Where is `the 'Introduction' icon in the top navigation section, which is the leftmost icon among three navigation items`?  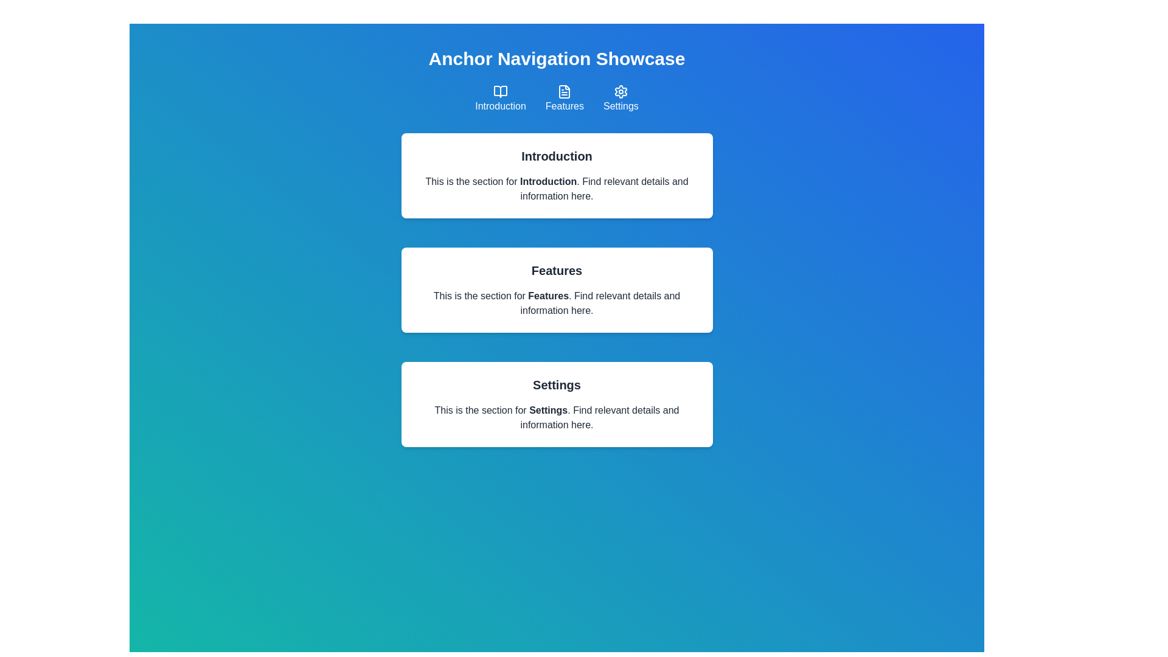
the 'Introduction' icon in the top navigation section, which is the leftmost icon among three navigation items is located at coordinates (501, 91).